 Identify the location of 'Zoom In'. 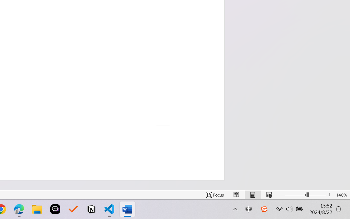
(329, 195).